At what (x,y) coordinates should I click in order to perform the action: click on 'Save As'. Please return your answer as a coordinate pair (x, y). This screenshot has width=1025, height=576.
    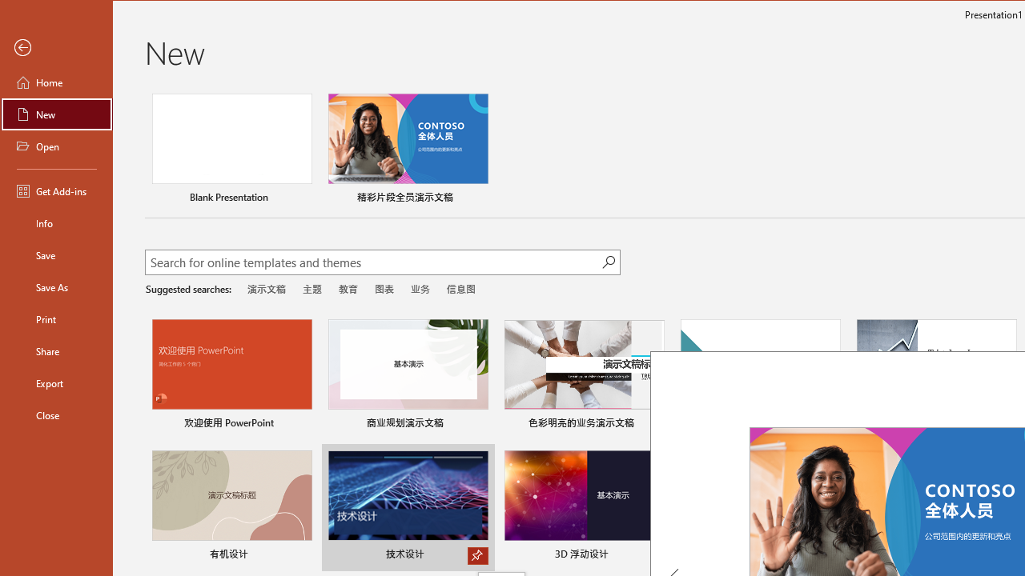
    Looking at the image, I should click on (57, 286).